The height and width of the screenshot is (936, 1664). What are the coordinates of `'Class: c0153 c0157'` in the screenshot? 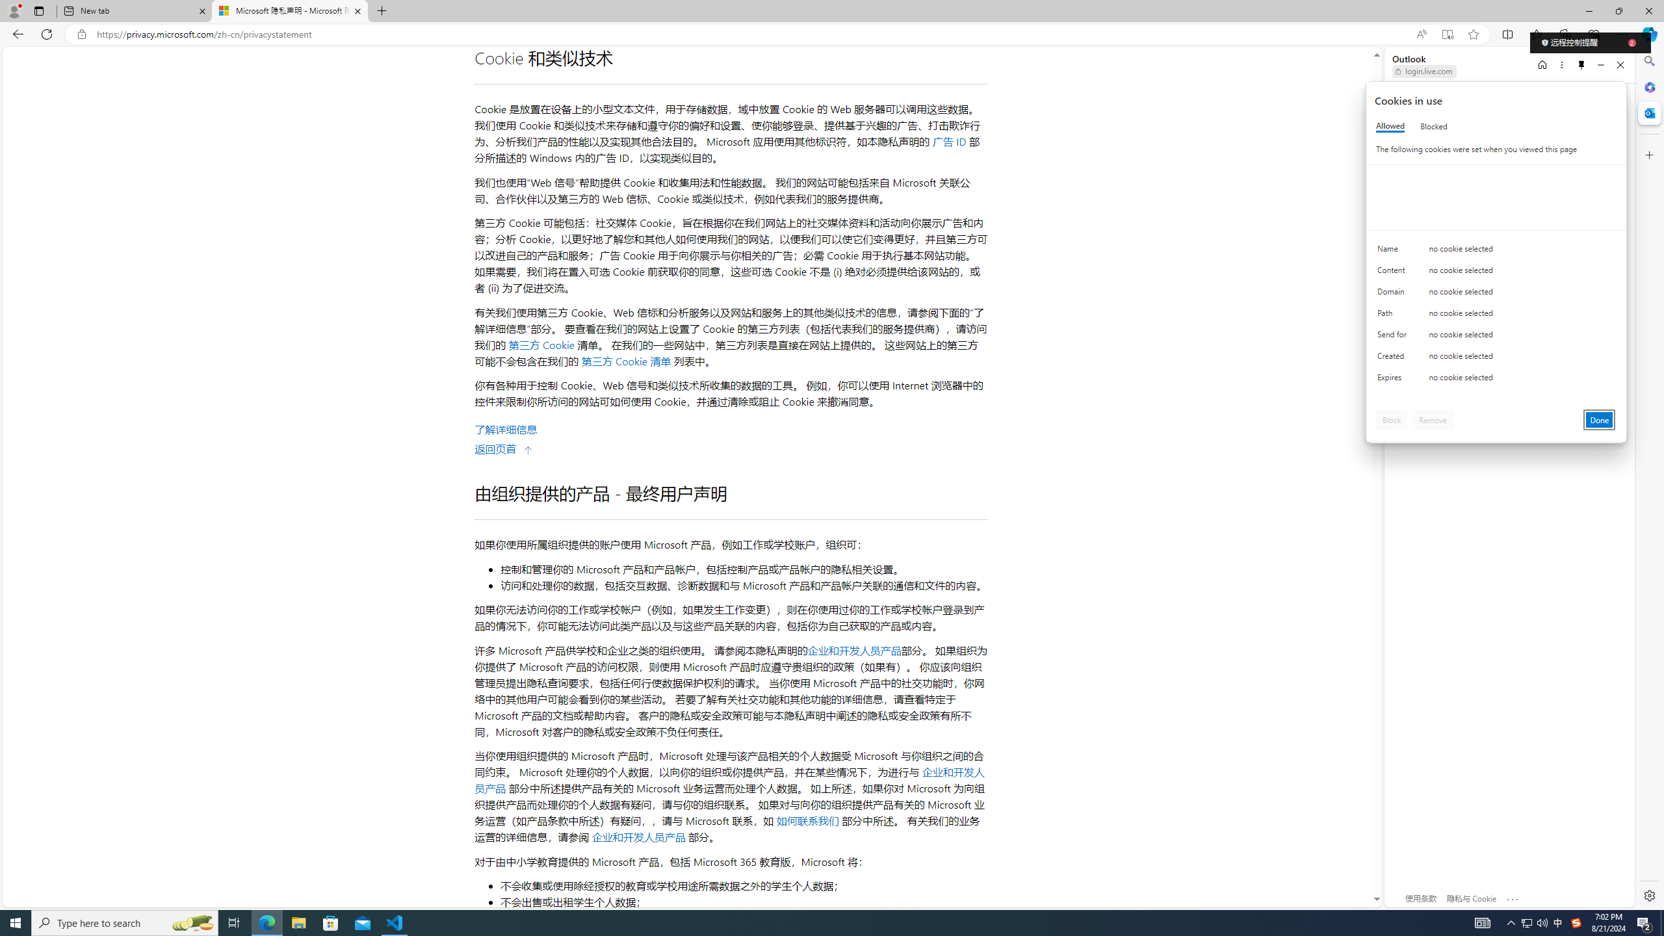 It's located at (1496, 380).